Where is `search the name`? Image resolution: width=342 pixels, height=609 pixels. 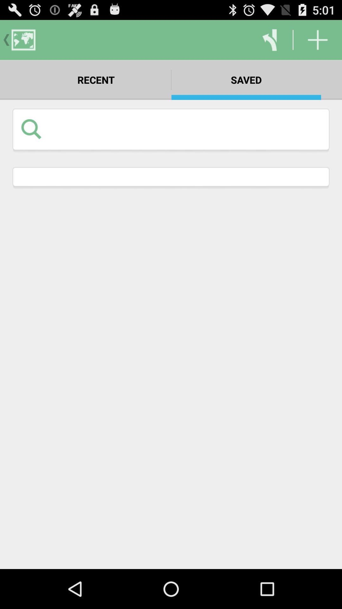
search the name is located at coordinates (185, 128).